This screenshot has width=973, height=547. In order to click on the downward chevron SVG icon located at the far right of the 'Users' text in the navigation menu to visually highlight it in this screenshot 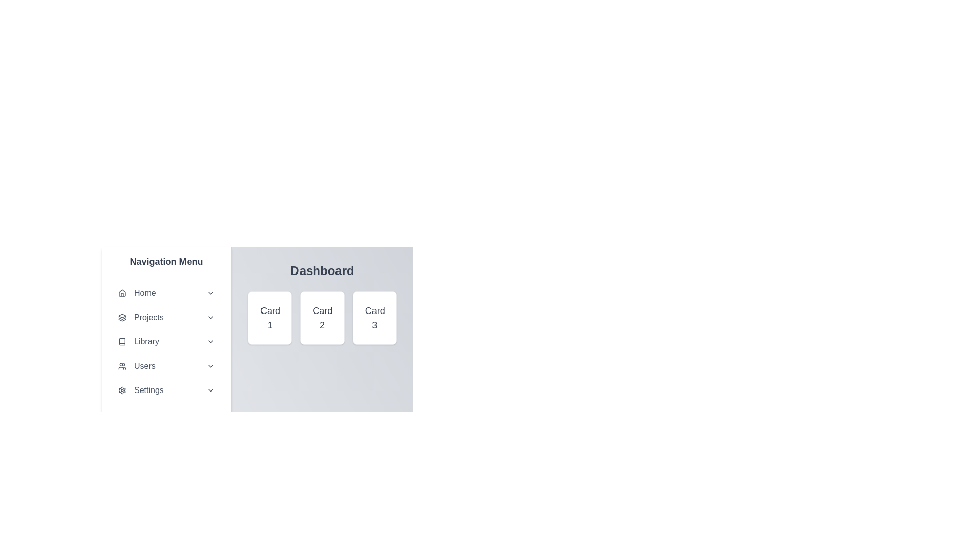, I will do `click(210, 366)`.